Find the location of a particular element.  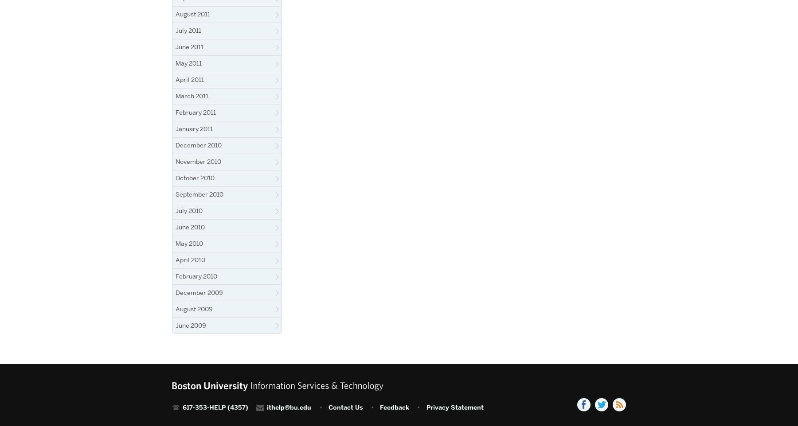

'November 2010' is located at coordinates (198, 161).